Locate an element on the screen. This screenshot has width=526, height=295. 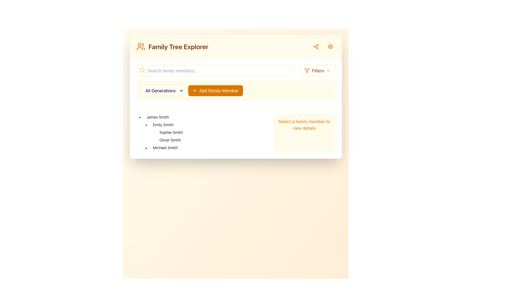
the decorative circular graphic element within the SVG image located in the header area, positioned to the left of the 'Family Tree Explorer' text is located at coordinates (139, 45).